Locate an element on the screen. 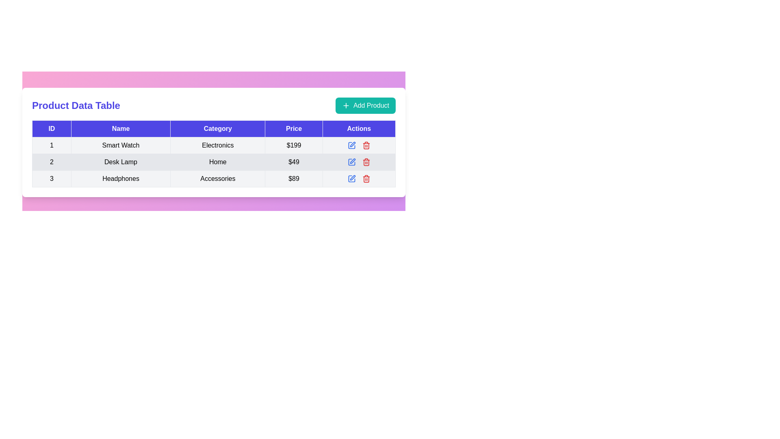 The image size is (780, 439). the 'Delete' icon button located in the 'Actions' column of the table, which is positioned to the right of the 'Headphones' row is located at coordinates (366, 178).